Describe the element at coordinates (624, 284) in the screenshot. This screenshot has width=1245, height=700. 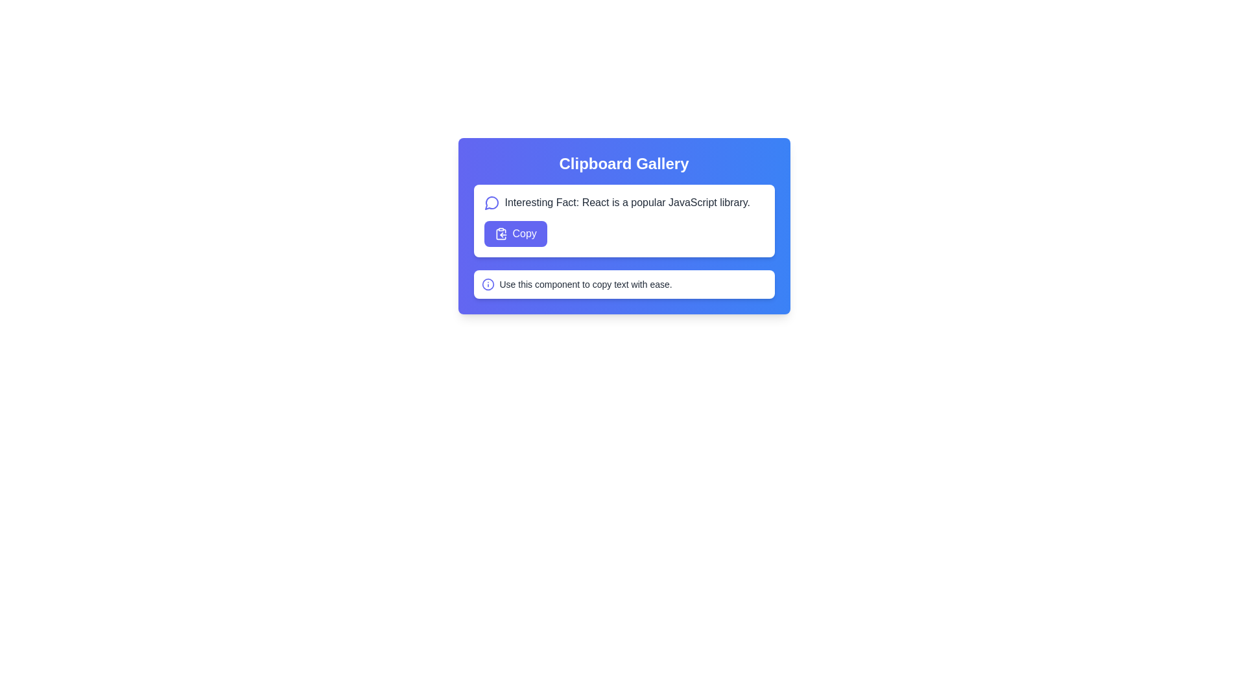
I see `informational text panel containing the message 'Use this component to copy text with ease.' located at the bottom of the 'Clipboard Gallery' card` at that location.